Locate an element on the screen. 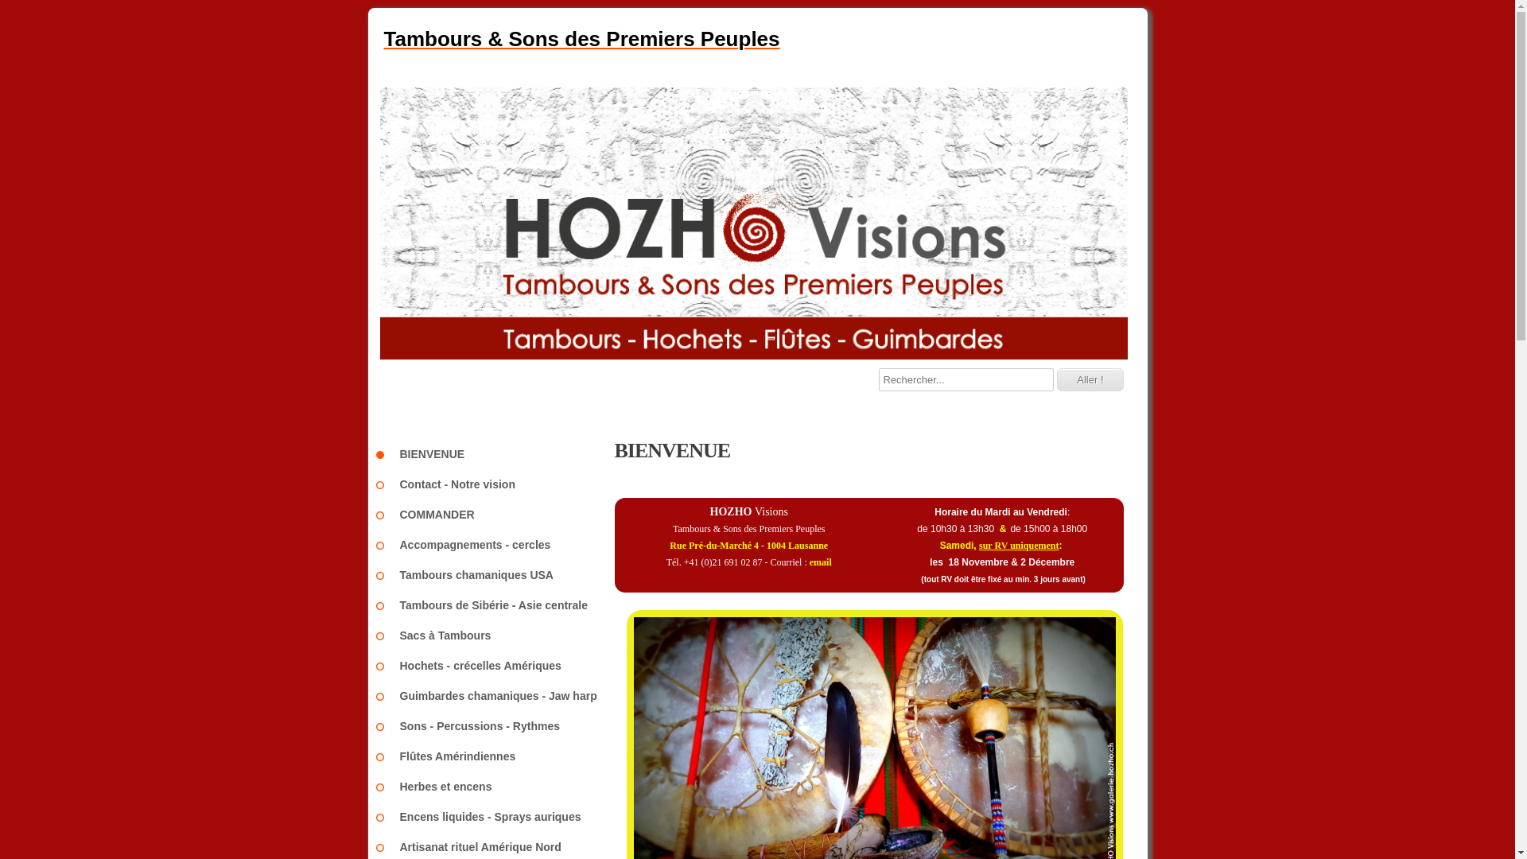  'Sons - Percussions - Rythmes' is located at coordinates (383, 726).